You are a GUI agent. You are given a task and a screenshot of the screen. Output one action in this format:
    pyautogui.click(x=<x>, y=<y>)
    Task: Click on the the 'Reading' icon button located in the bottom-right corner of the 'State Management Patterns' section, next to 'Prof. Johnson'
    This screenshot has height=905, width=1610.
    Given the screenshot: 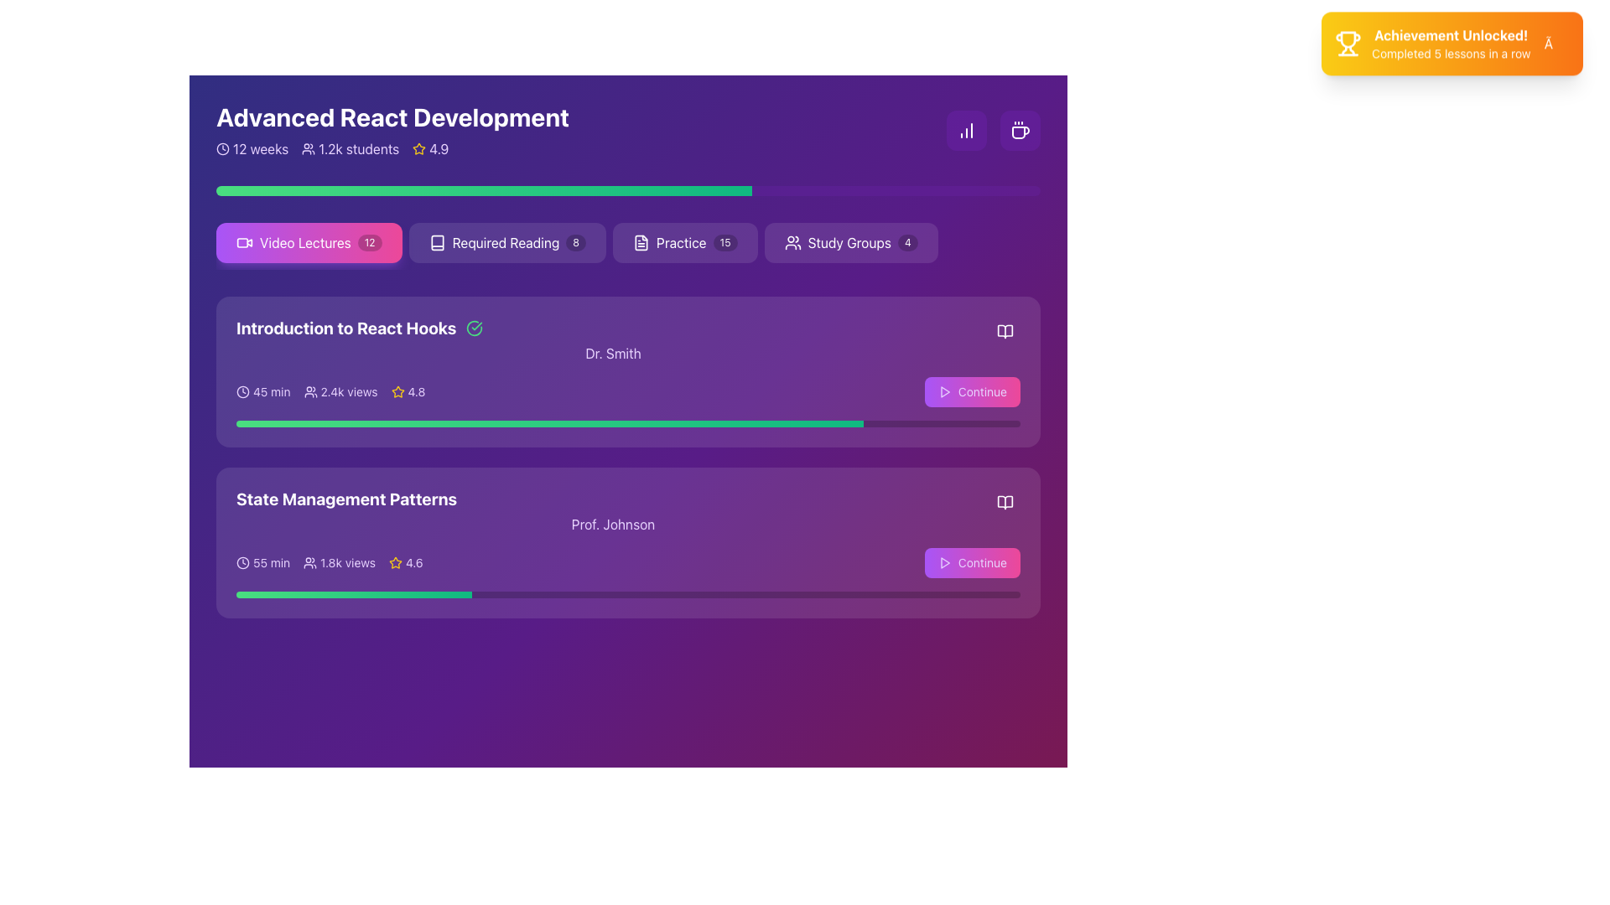 What is the action you would take?
    pyautogui.click(x=1005, y=502)
    